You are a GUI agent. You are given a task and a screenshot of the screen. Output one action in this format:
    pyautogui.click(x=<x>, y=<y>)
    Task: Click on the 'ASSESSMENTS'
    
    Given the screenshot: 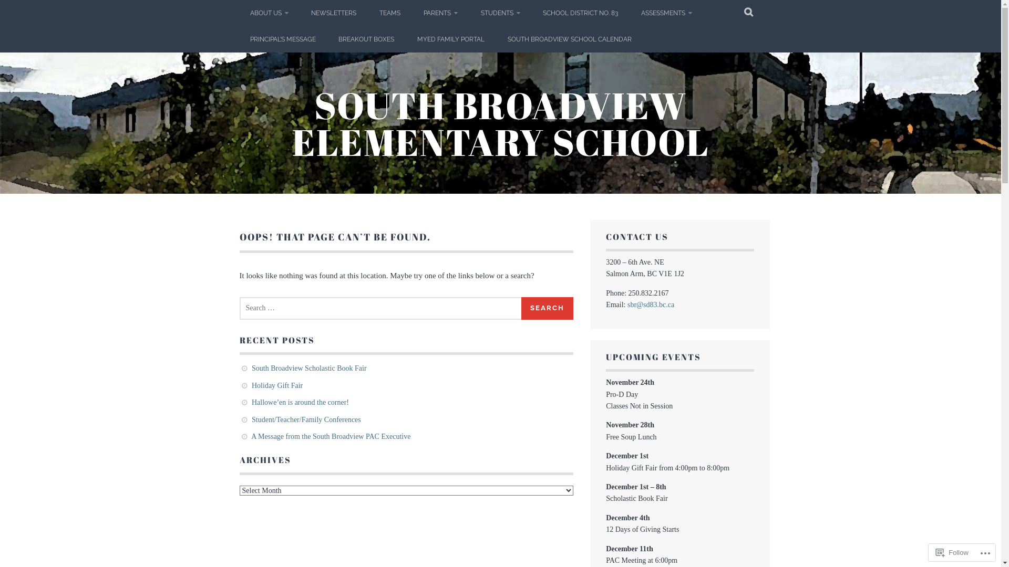 What is the action you would take?
    pyautogui.click(x=631, y=13)
    